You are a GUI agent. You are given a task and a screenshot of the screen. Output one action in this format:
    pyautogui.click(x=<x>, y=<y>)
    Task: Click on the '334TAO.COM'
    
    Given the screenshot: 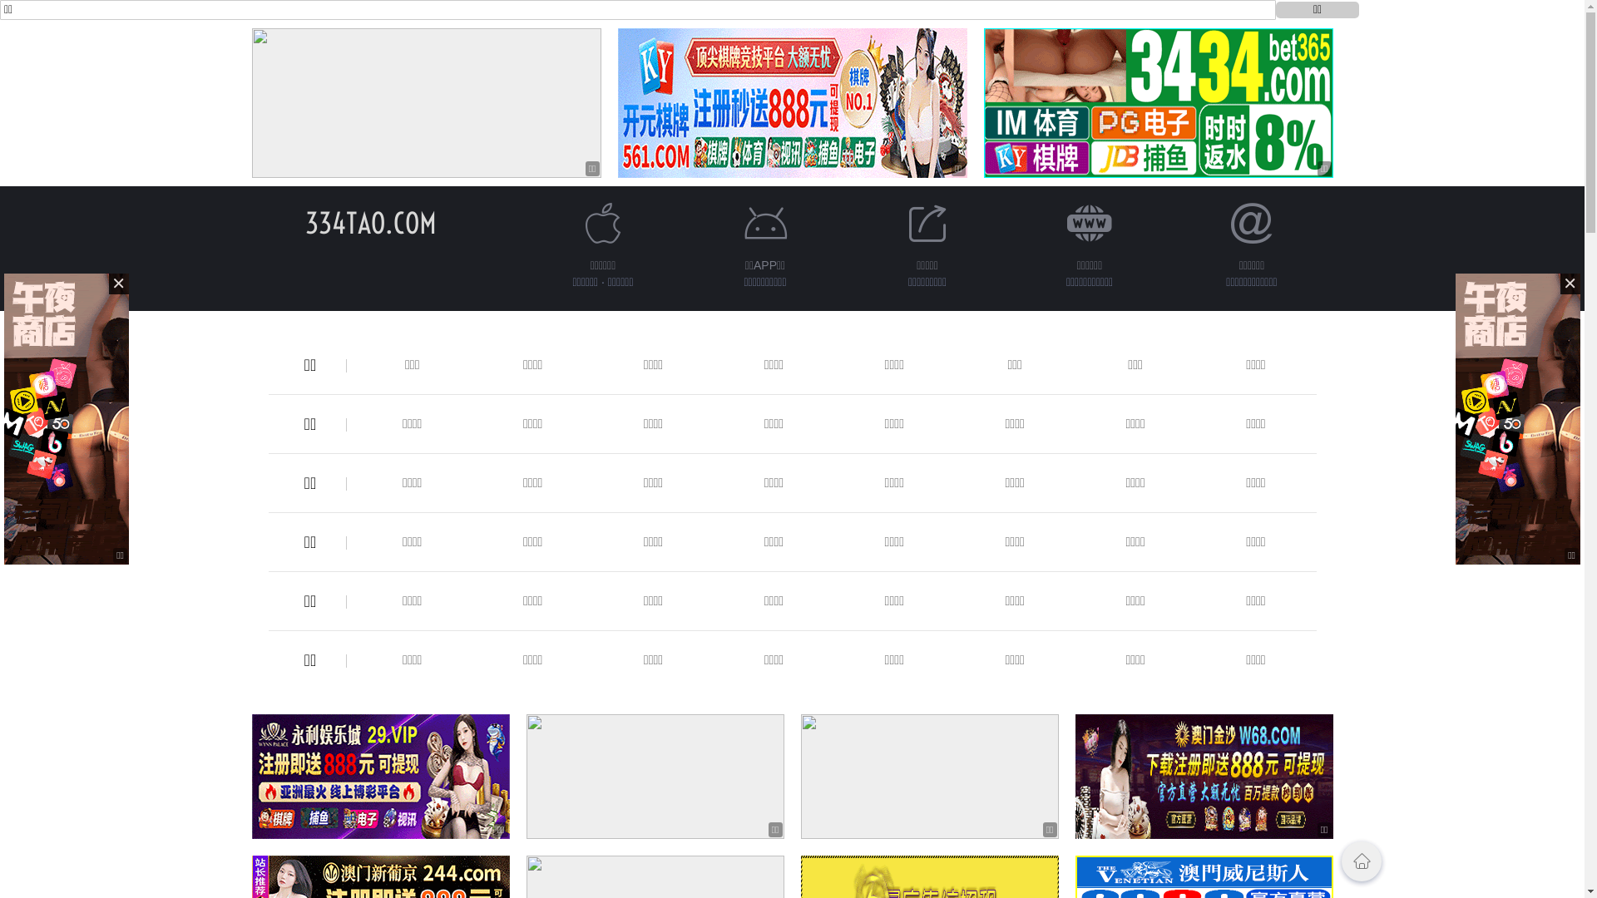 What is the action you would take?
    pyautogui.click(x=369, y=222)
    